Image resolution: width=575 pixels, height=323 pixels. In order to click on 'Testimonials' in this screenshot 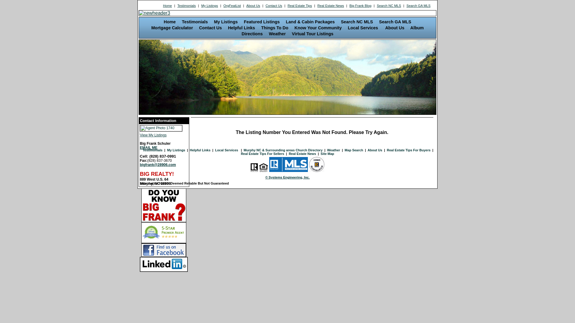, I will do `click(152, 150)`.